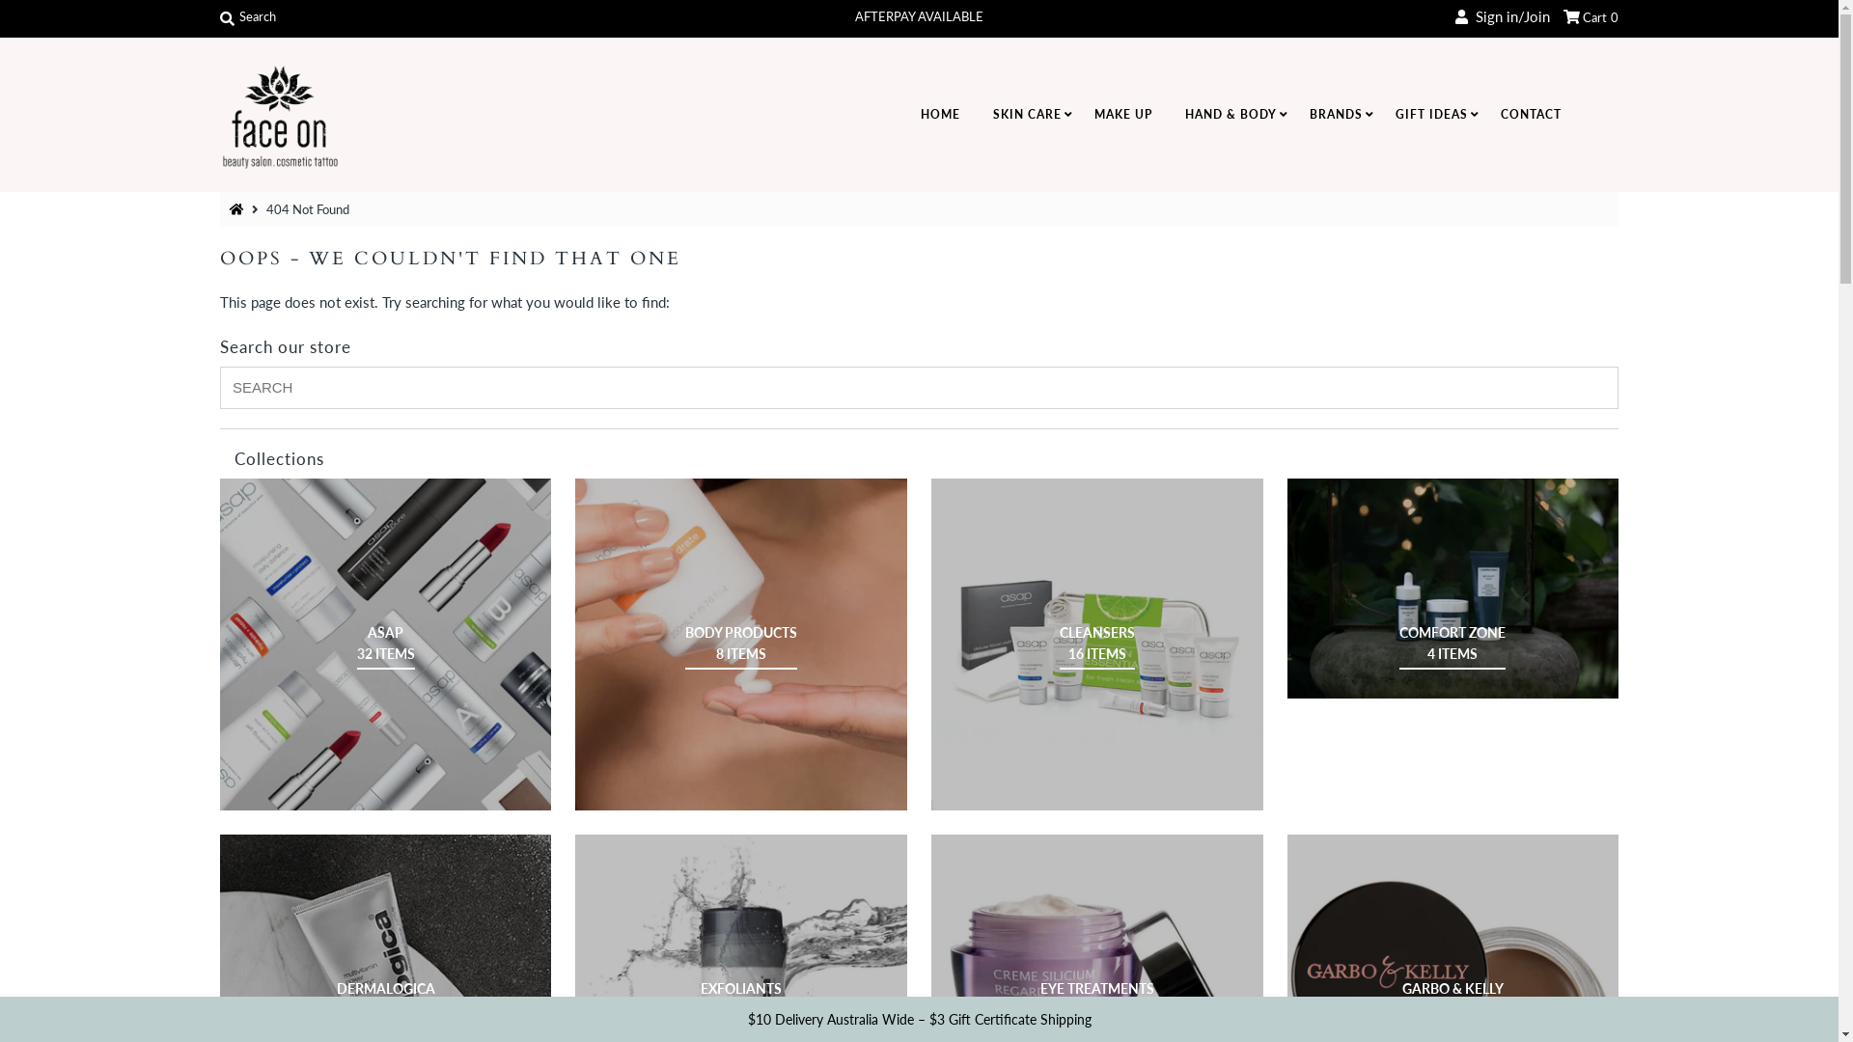  Describe the element at coordinates (1097, 999) in the screenshot. I see `'EYE TREATMENTS` at that location.